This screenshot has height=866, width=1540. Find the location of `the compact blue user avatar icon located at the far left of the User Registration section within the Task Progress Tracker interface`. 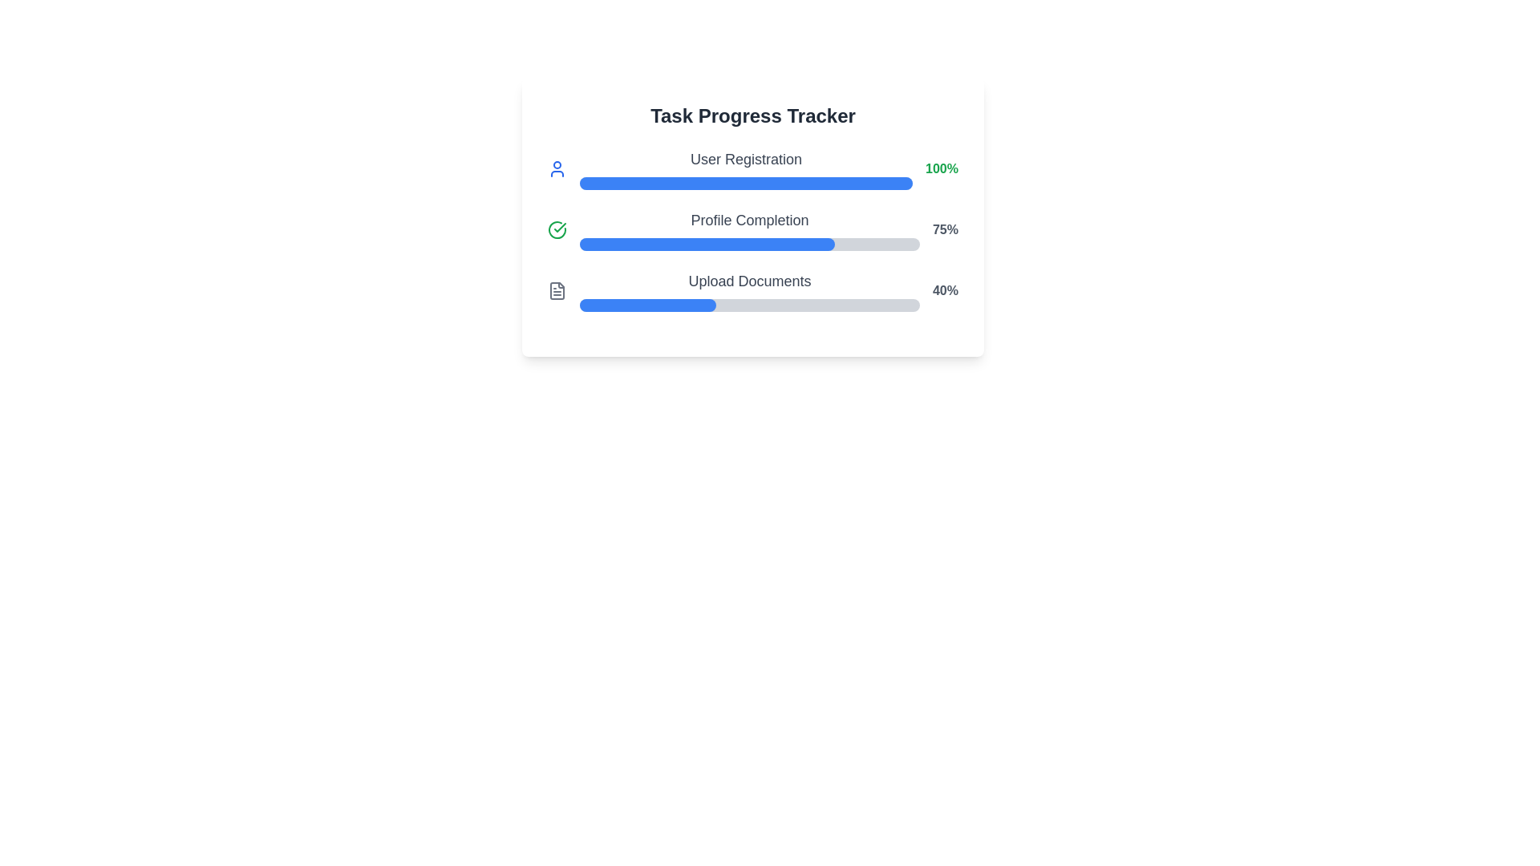

the compact blue user avatar icon located at the far left of the User Registration section within the Task Progress Tracker interface is located at coordinates (557, 169).